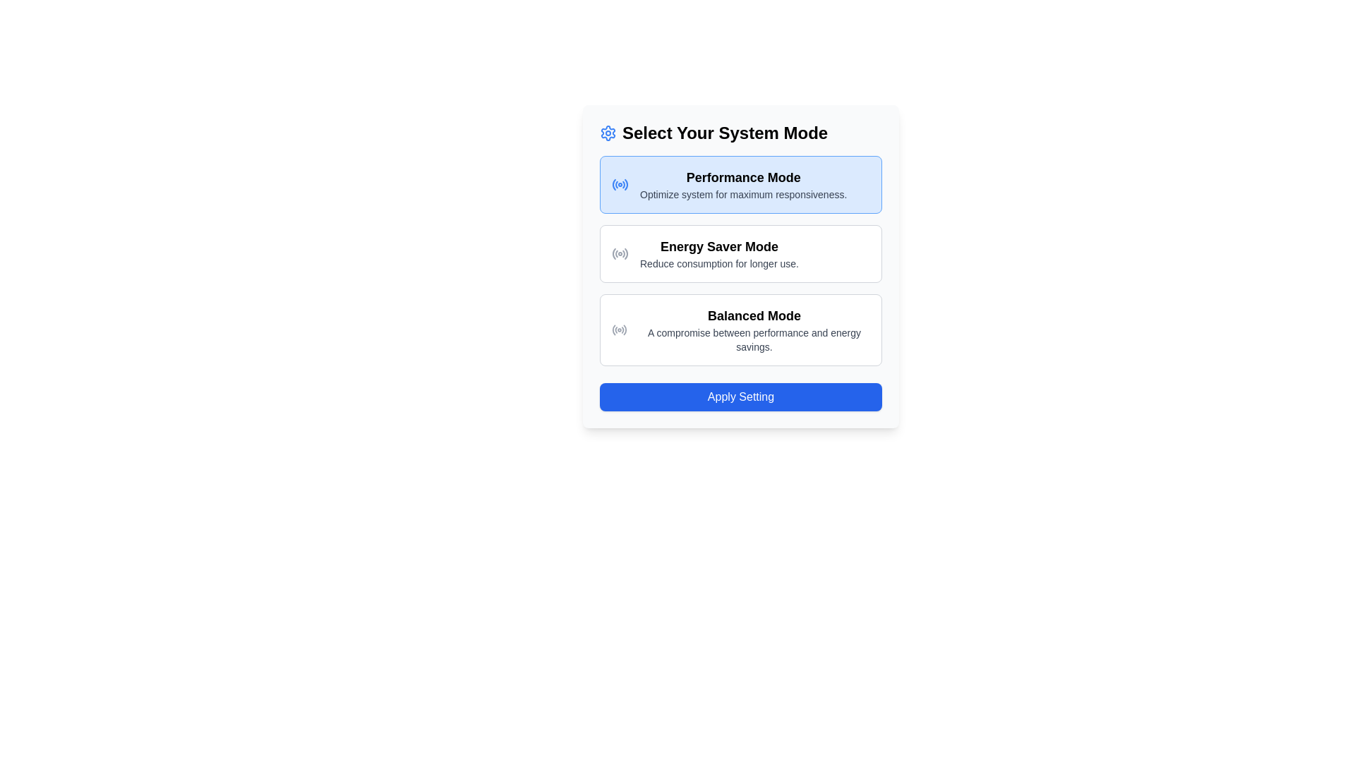 The image size is (1355, 762). What do you see at coordinates (719, 246) in the screenshot?
I see `the bold text label reading 'Energy Saver Mode', which is styled prominently within the second option of the three selectable system modes, located between 'Performance Mode' above and 'Balanced Mode' below` at bounding box center [719, 246].